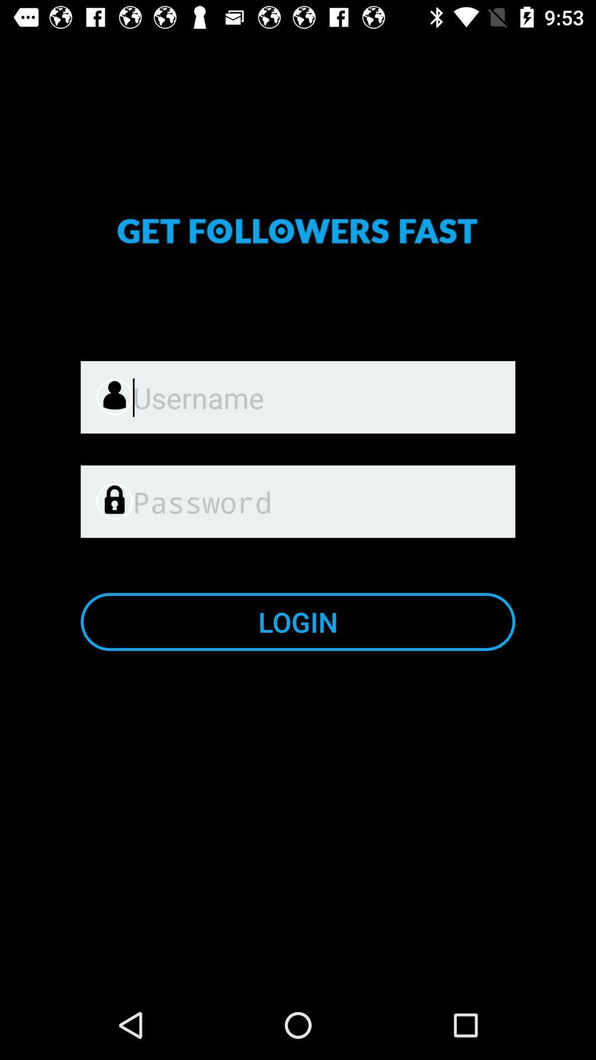  What do you see at coordinates (321, 501) in the screenshot?
I see `item above login` at bounding box center [321, 501].